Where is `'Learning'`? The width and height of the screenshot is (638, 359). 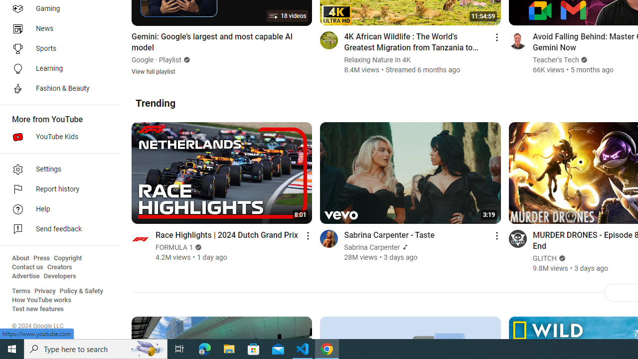
'Learning' is located at coordinates (56, 68).